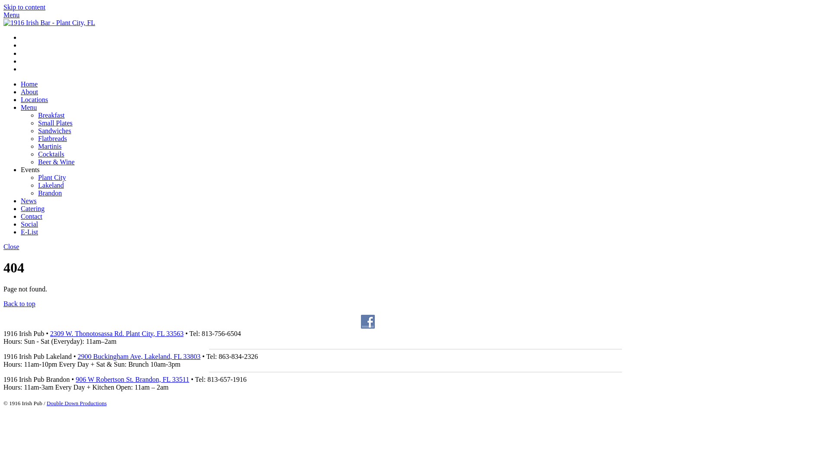  I want to click on 'Home', so click(29, 84).